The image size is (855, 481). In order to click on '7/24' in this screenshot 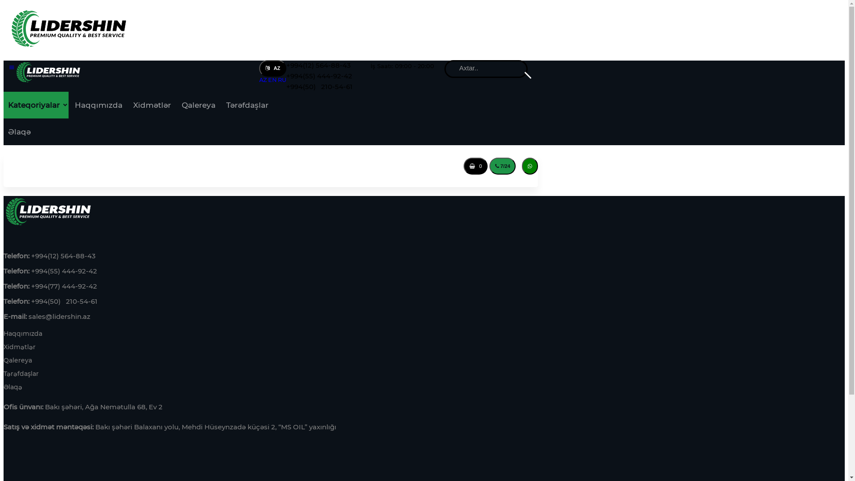, I will do `click(502, 166)`.